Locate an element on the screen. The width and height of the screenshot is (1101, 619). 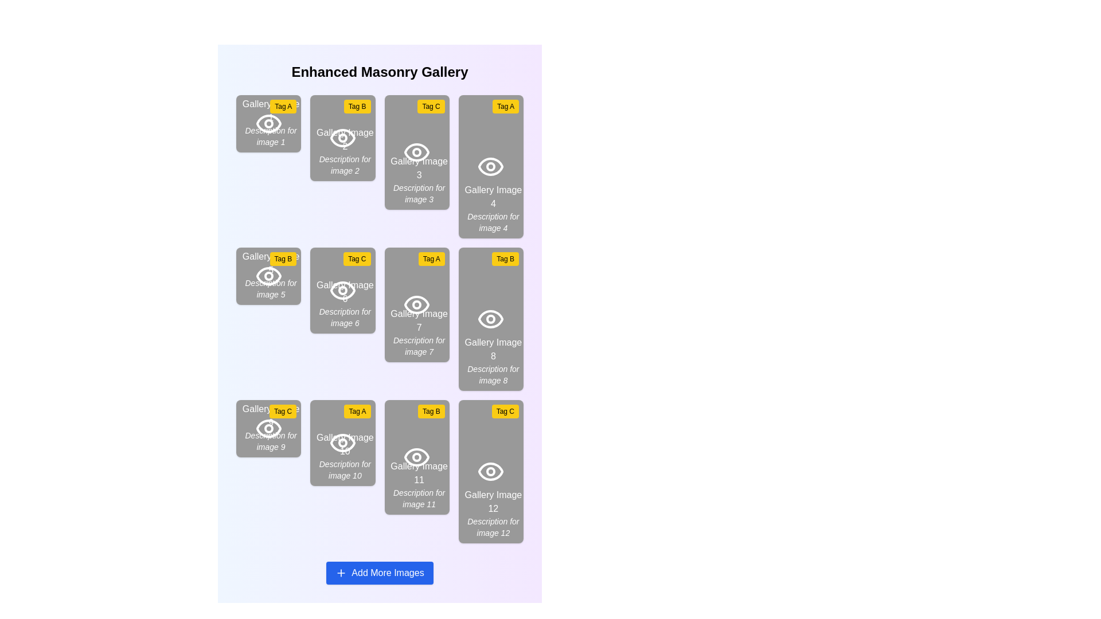
the outer contour of the eye icon within the gallery thumbnail labeled 'Gallery Image 11' is located at coordinates (416, 457).